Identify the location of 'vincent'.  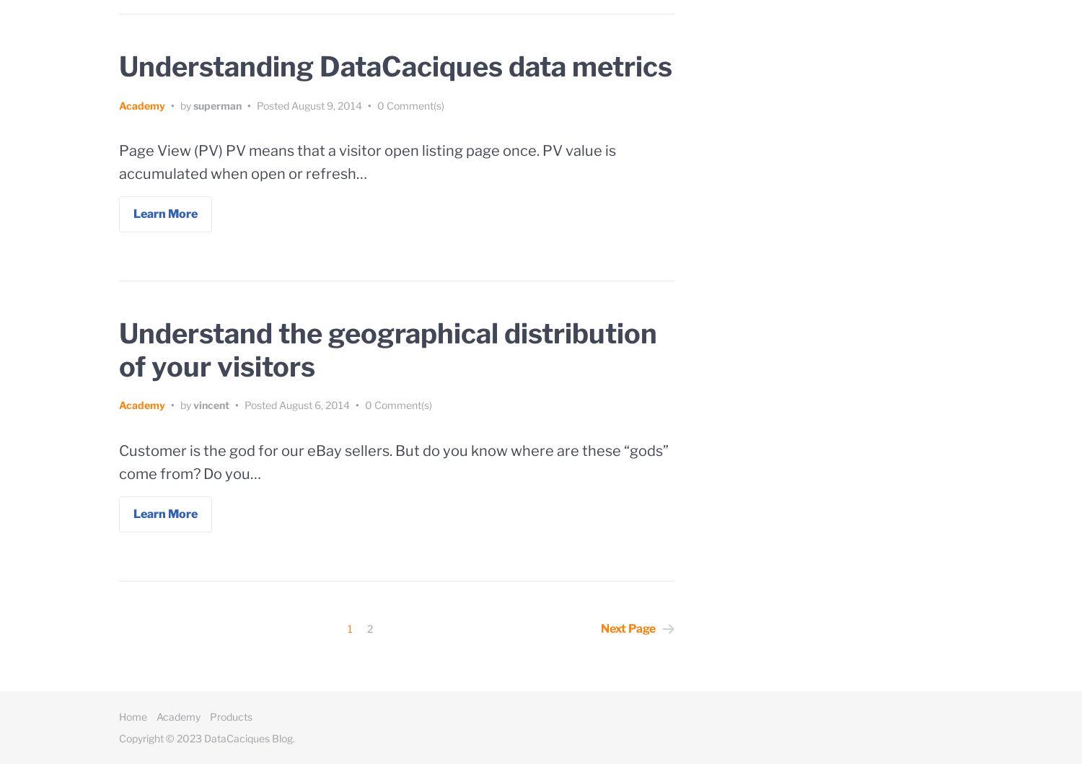
(211, 404).